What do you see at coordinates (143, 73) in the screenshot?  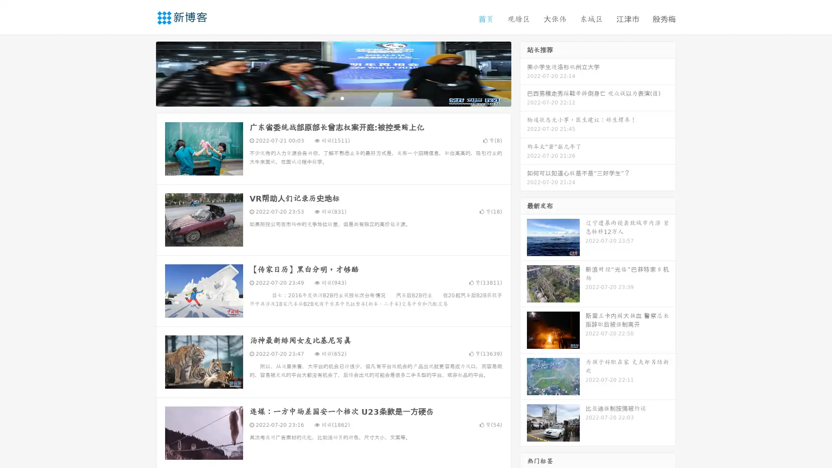 I see `Previous slide` at bounding box center [143, 73].